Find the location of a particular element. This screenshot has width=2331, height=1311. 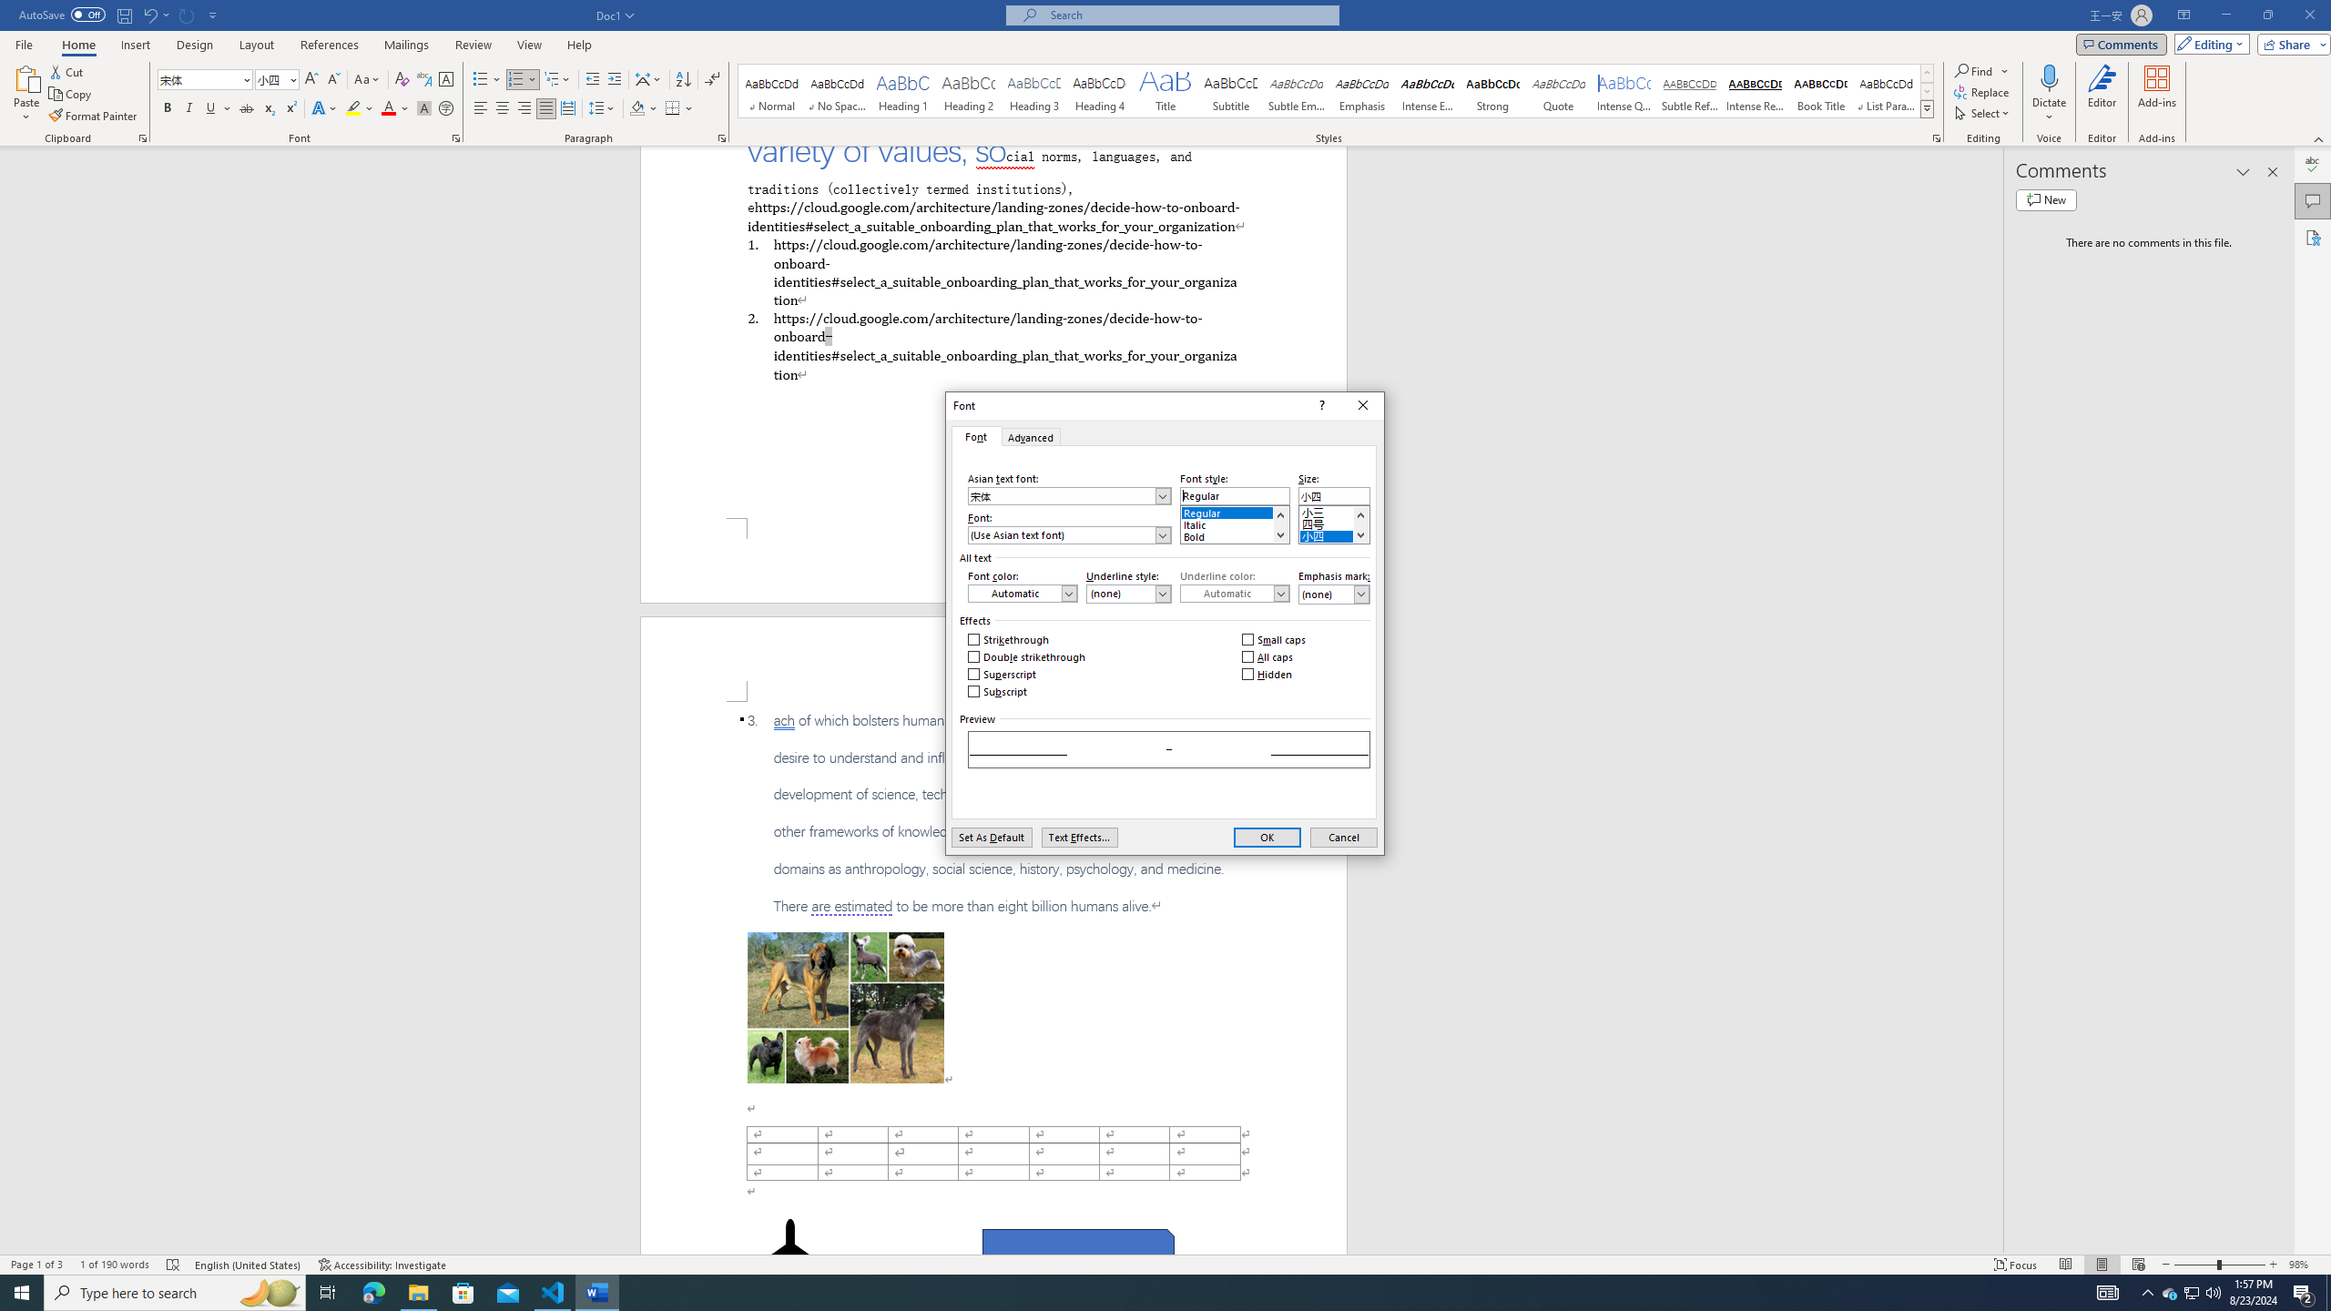

'Set As Default' is located at coordinates (991, 837).